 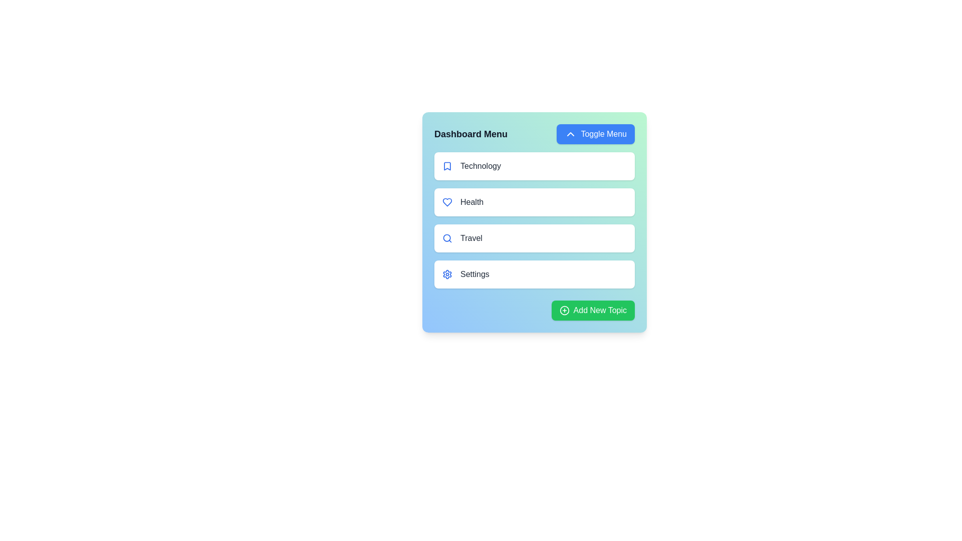 I want to click on the 'Add New Topic' button to initiate the process of adding a new topic, so click(x=593, y=310).